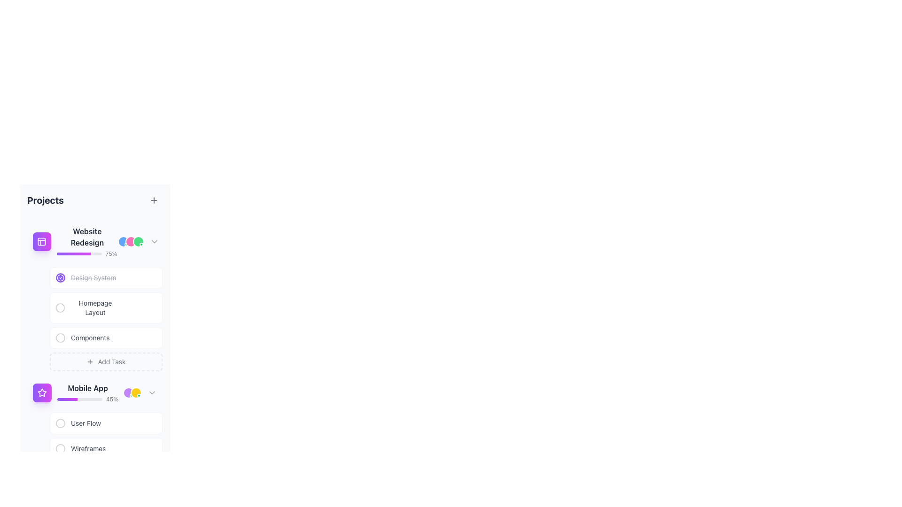  What do you see at coordinates (60, 277) in the screenshot?
I see `the button with an icon` at bounding box center [60, 277].